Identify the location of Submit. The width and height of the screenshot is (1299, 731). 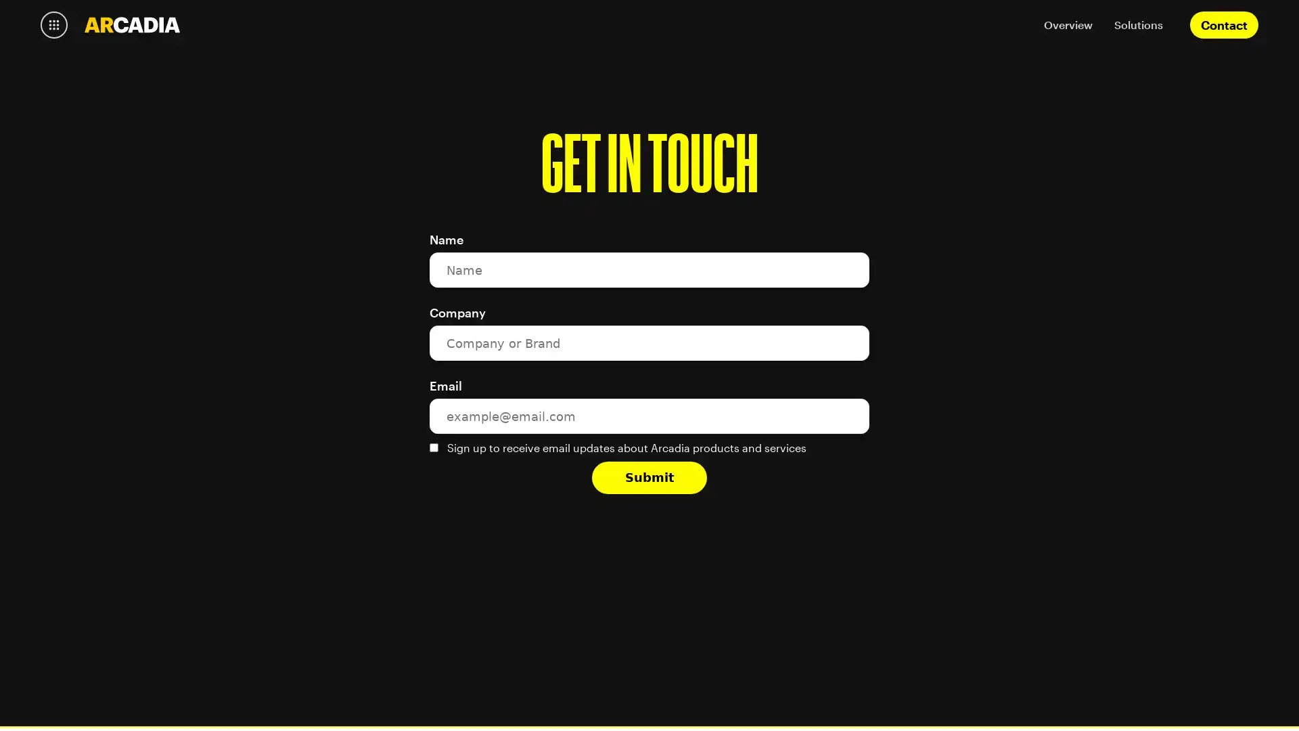
(649, 477).